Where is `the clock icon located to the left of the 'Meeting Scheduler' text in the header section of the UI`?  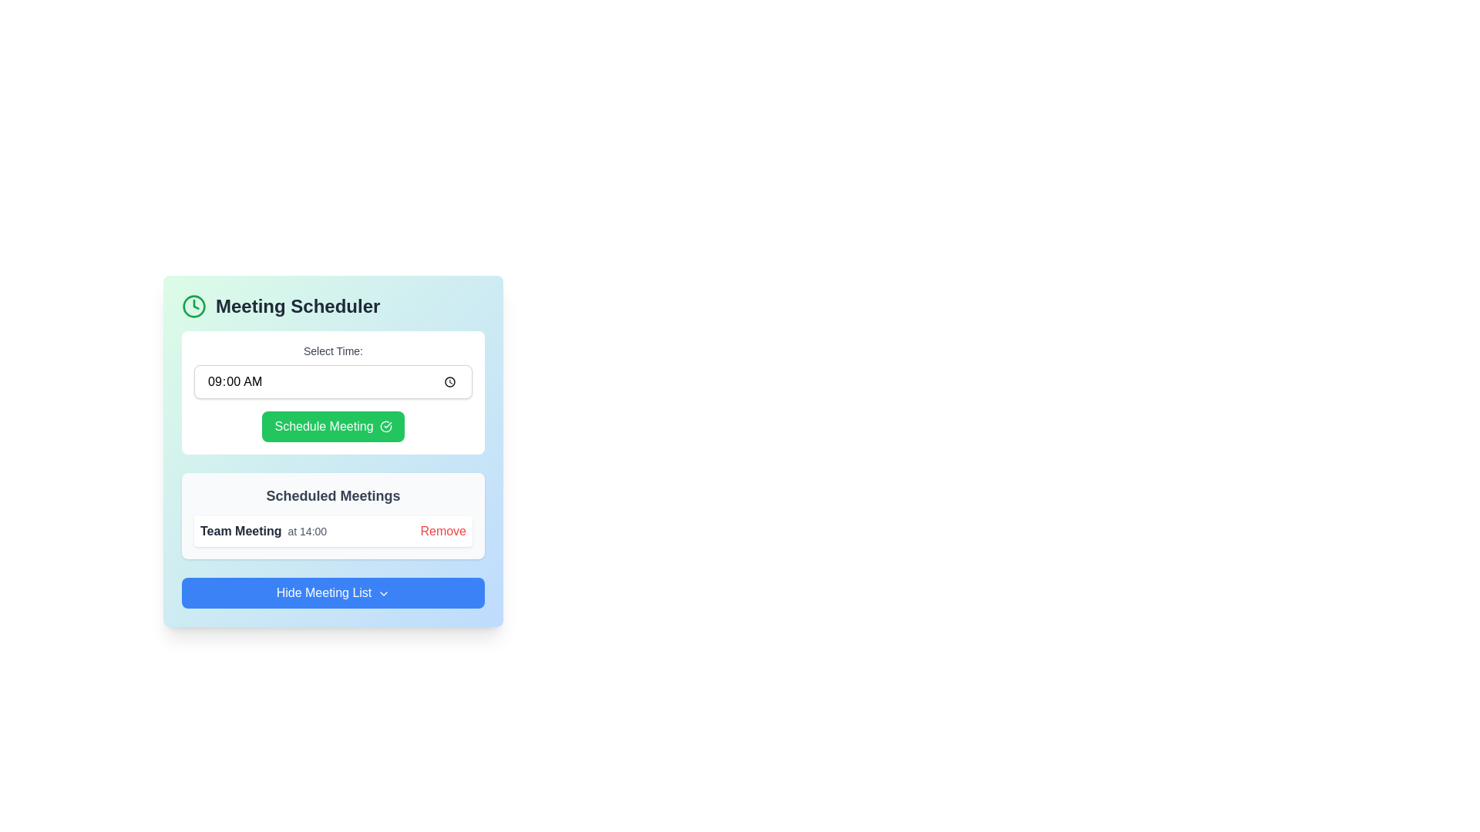
the clock icon located to the left of the 'Meeting Scheduler' text in the header section of the UI is located at coordinates (195, 304).